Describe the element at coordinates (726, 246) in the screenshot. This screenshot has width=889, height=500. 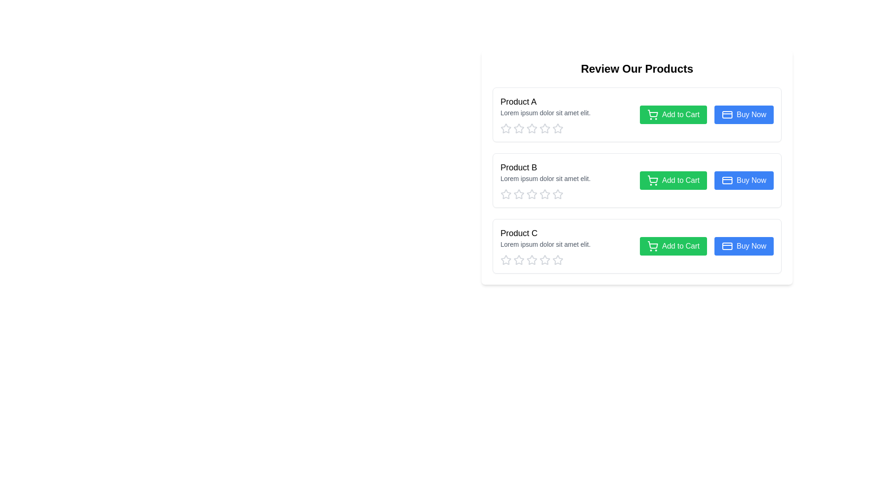
I see `the 'Buy Now' icon for Product C, which is a rectangular shape with rounded corners, styled in a solid color and located on the right-hand side of the third product card` at that location.